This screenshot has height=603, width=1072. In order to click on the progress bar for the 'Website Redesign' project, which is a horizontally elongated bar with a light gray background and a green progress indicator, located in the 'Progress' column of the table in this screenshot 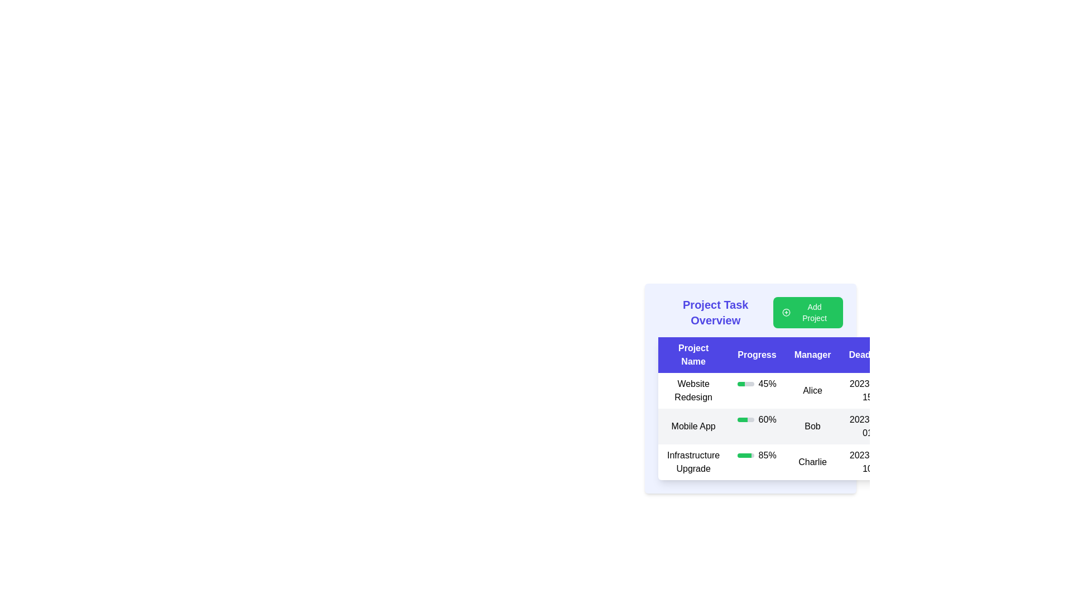, I will do `click(745, 383)`.